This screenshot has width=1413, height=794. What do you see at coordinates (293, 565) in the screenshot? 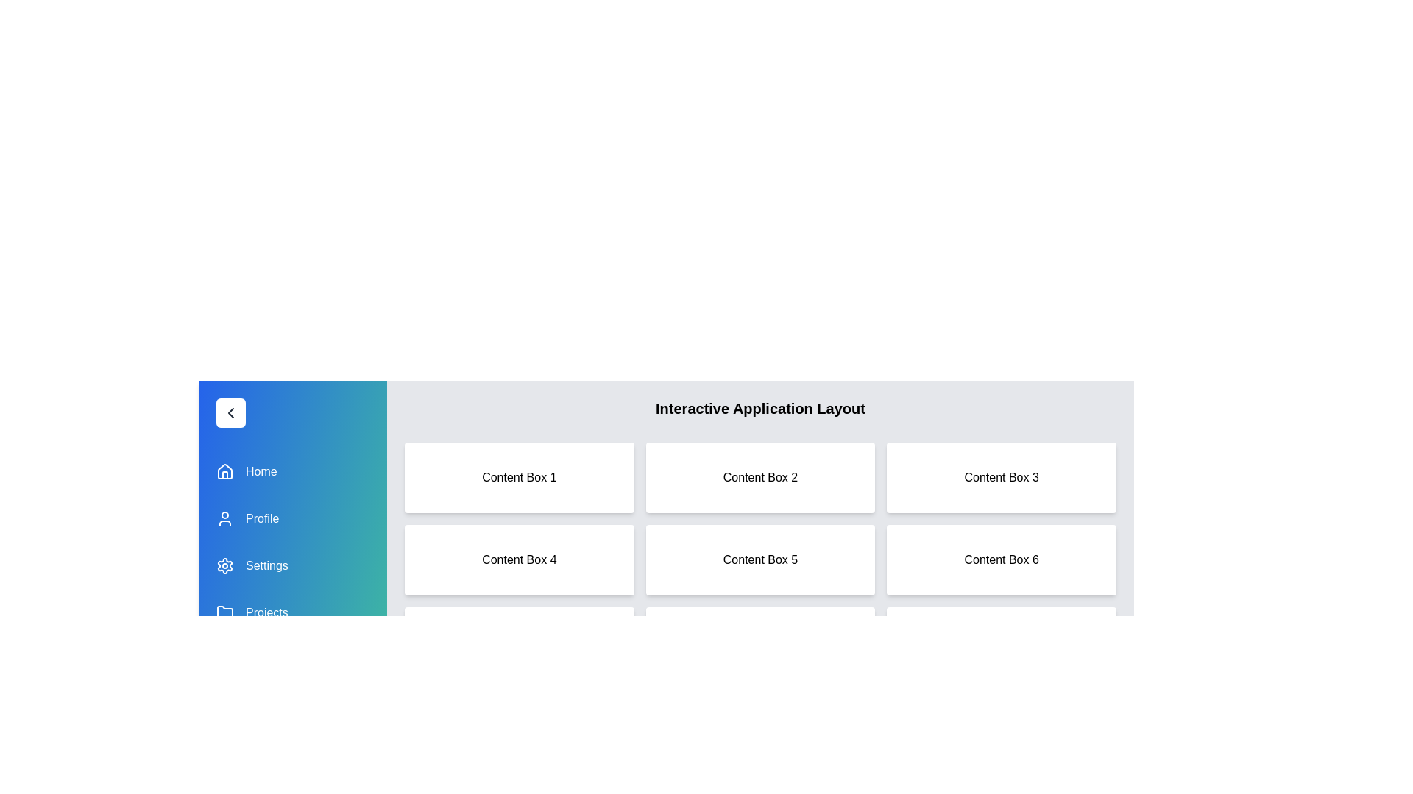
I see `the menu item Settings to navigate or activate its associated functionality` at bounding box center [293, 565].